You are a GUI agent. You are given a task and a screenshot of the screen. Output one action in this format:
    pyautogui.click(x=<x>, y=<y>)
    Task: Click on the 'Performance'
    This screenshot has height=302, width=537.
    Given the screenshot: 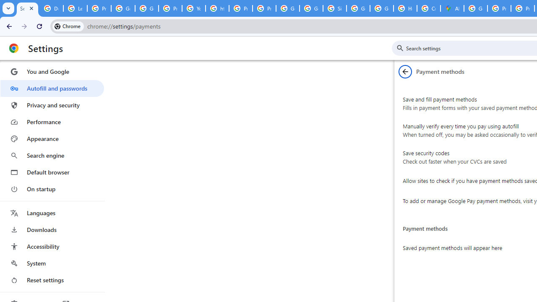 What is the action you would take?
    pyautogui.click(x=52, y=122)
    